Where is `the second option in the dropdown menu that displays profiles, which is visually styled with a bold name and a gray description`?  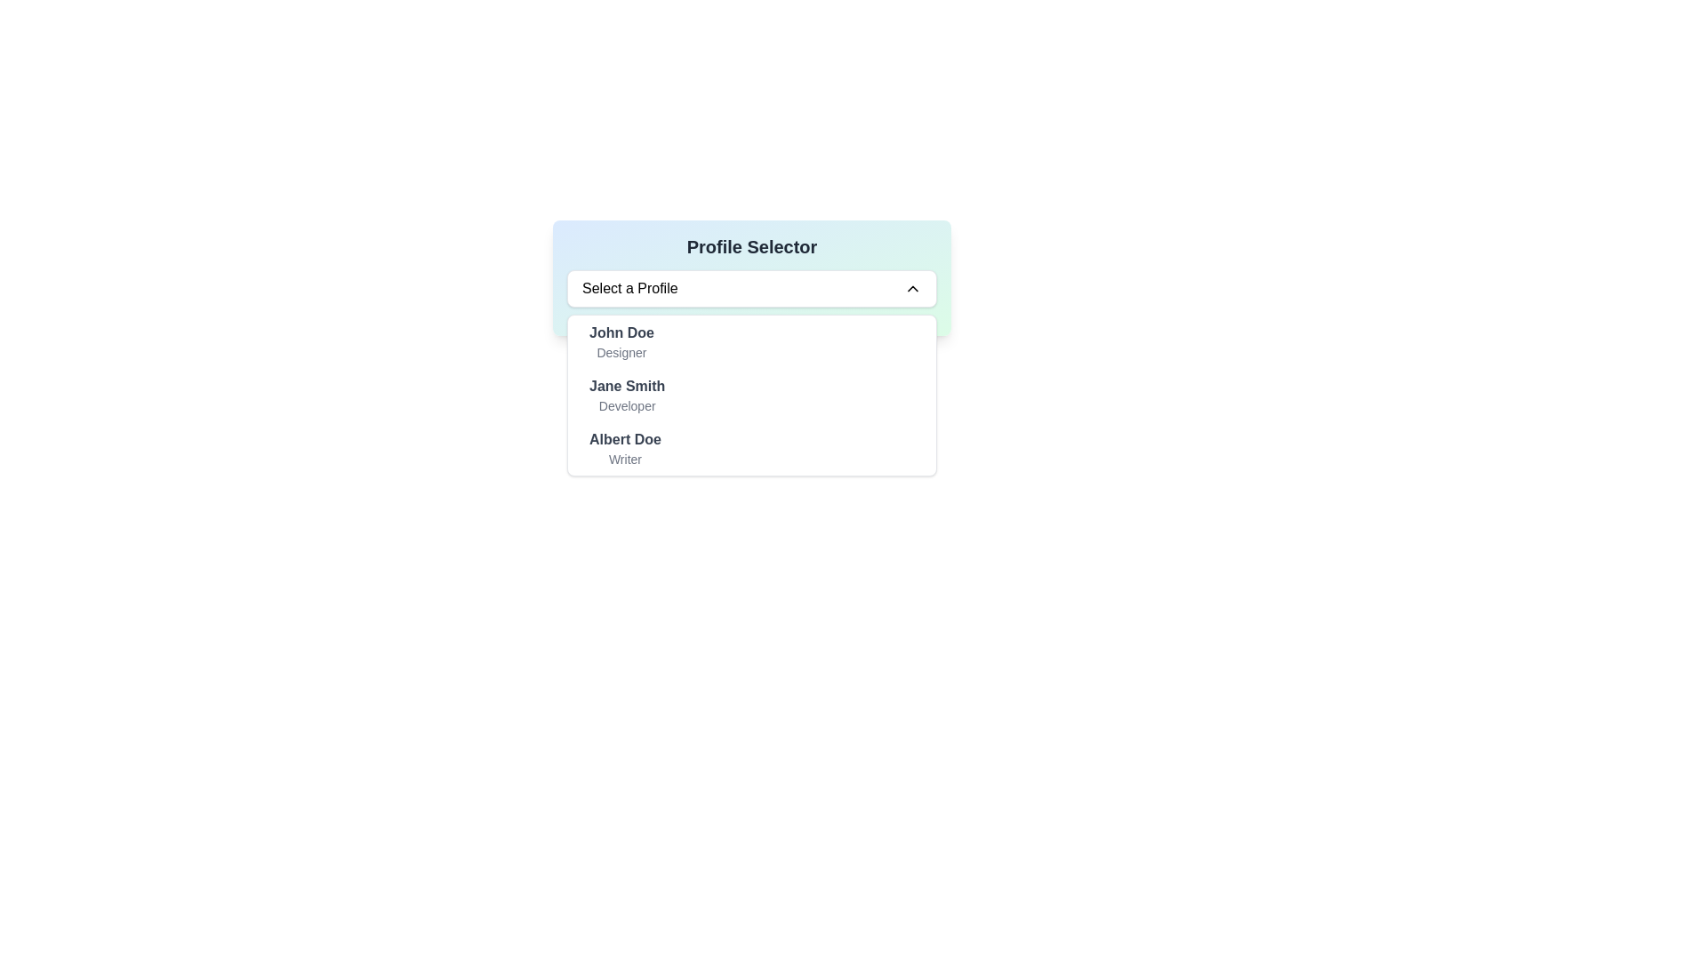
the second option in the dropdown menu that displays profiles, which is visually styled with a bold name and a gray description is located at coordinates (751, 394).